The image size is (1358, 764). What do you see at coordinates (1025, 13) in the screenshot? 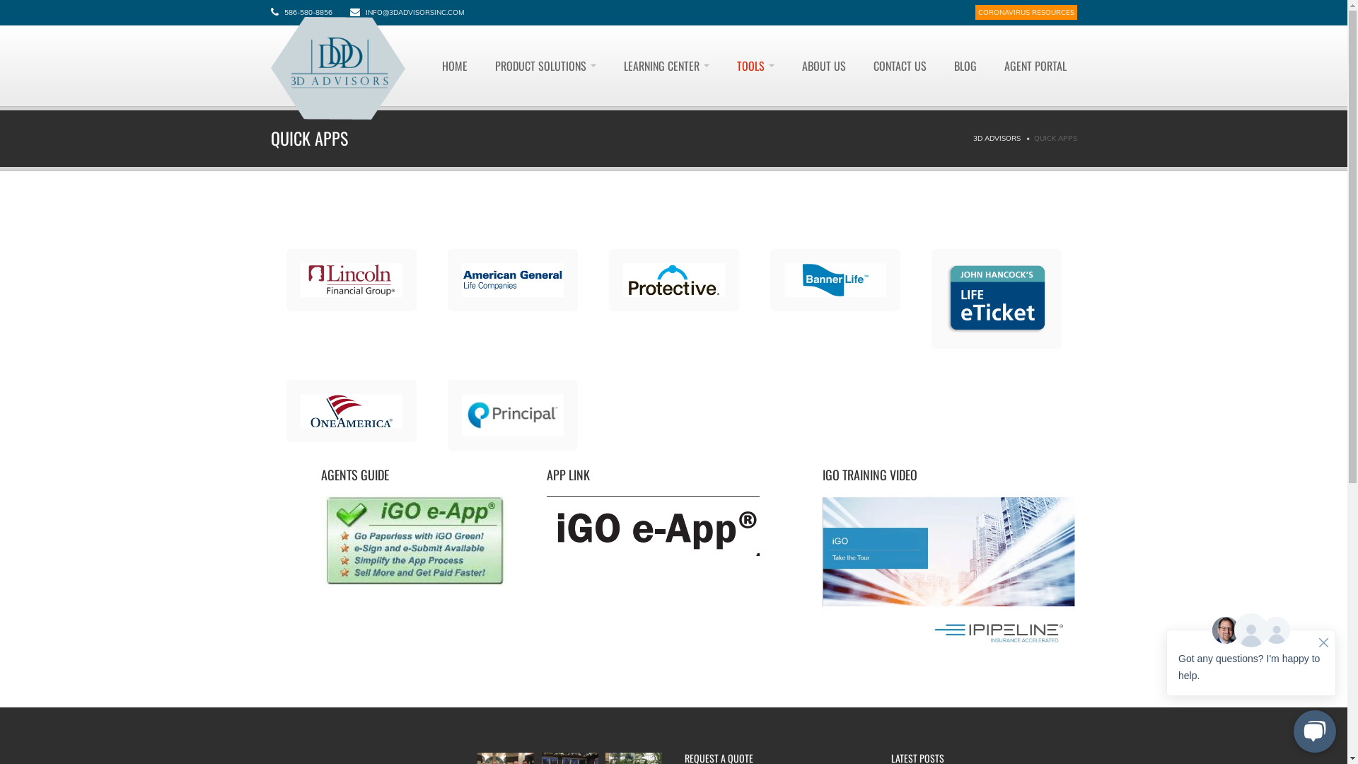
I see `'CORONAVIRUS RESOURCES'` at bounding box center [1025, 13].